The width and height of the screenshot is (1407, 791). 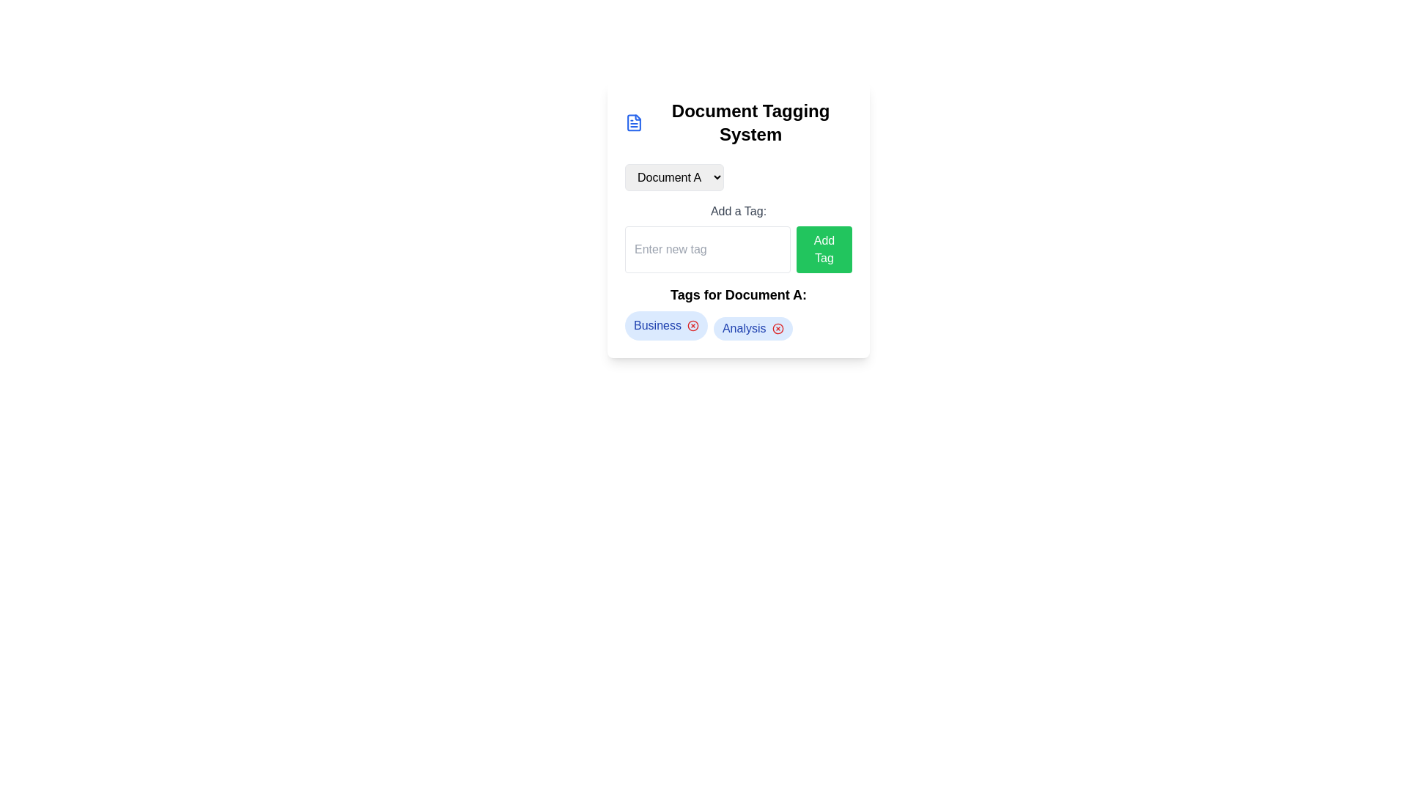 What do you see at coordinates (777, 327) in the screenshot?
I see `the red icon button with a cross inside, located within the 'Analysis' tag` at bounding box center [777, 327].